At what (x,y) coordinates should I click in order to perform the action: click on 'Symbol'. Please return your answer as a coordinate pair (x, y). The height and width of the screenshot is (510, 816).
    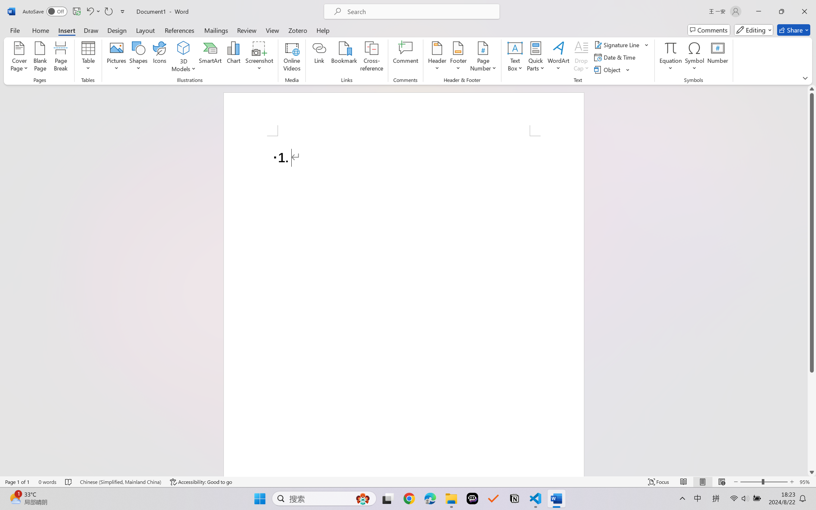
    Looking at the image, I should click on (694, 57).